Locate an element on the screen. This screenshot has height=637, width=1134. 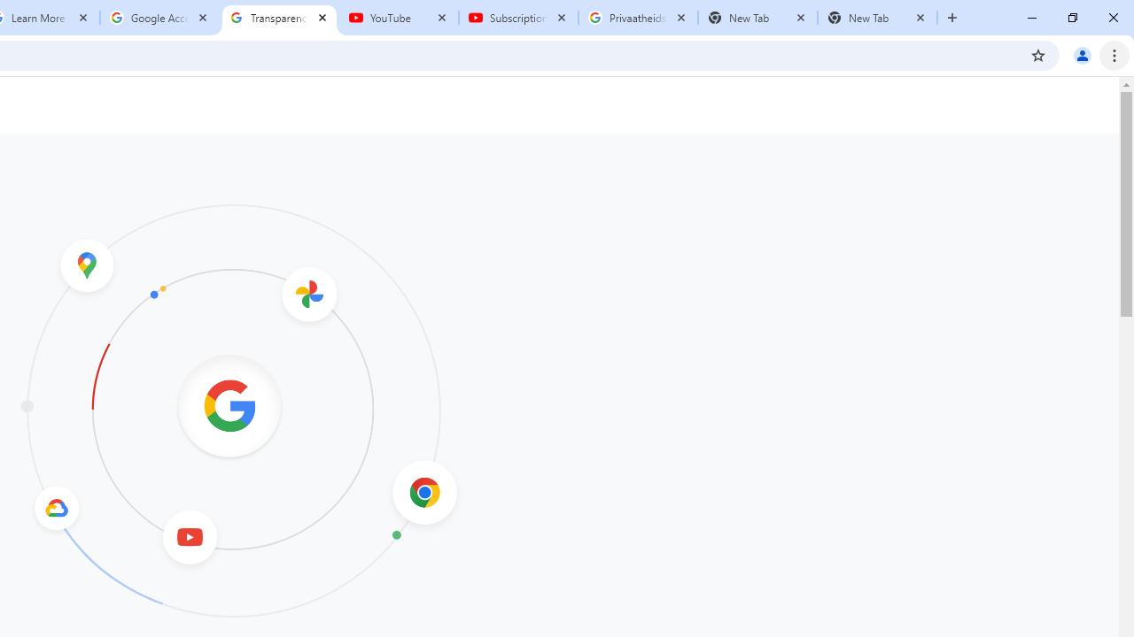
'Bookmark this tab' is located at coordinates (1037, 54).